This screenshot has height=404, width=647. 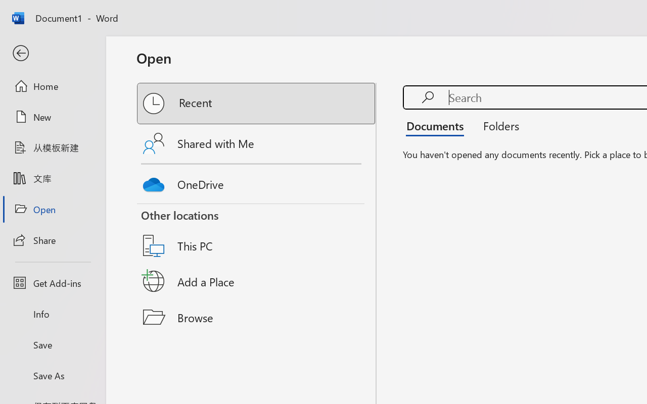 I want to click on 'Documents', so click(x=438, y=125).